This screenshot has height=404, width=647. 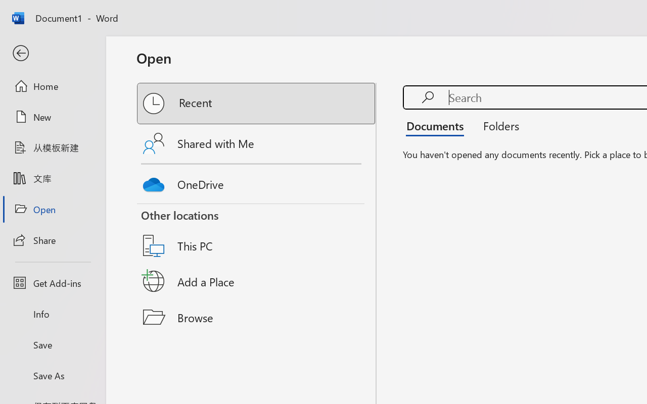 I want to click on 'Documents', so click(x=438, y=125).